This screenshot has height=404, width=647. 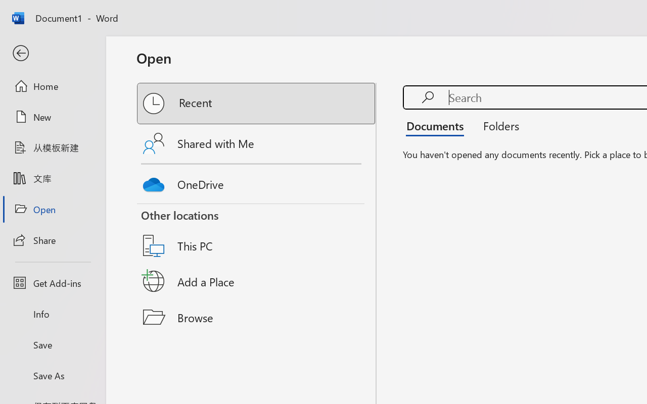 I want to click on 'Documents', so click(x=438, y=125).